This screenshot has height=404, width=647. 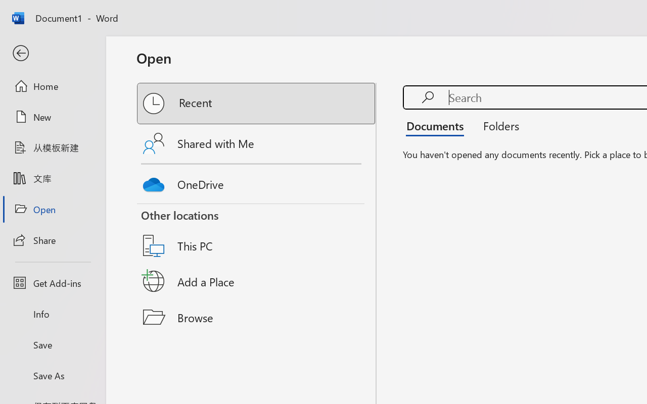 I want to click on 'Documents', so click(x=438, y=125).